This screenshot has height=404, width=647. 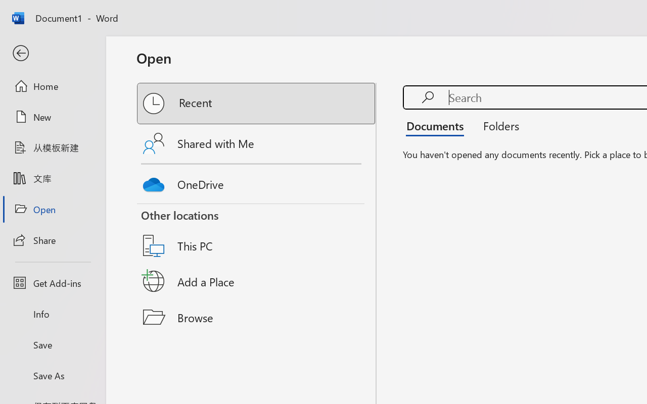 I want to click on 'Documents', so click(x=438, y=125).